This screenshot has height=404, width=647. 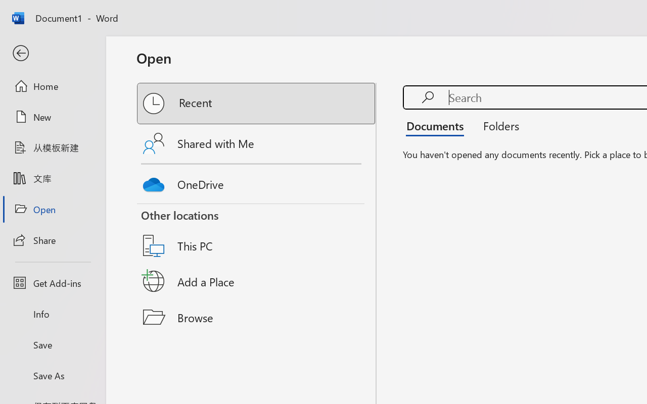 I want to click on 'Documents', so click(x=438, y=125).